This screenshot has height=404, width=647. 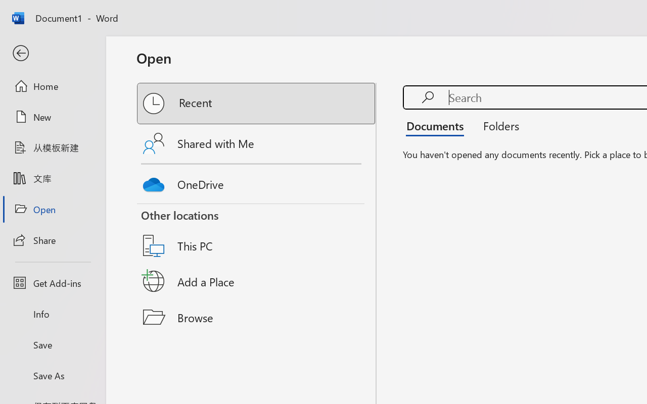 I want to click on 'Documents', so click(x=438, y=125).